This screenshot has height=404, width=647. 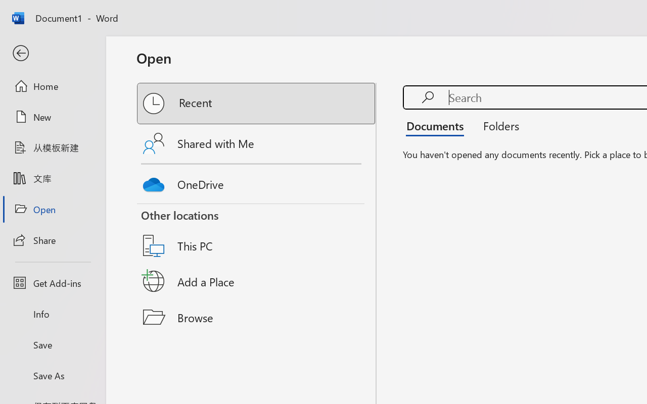 I want to click on 'Documents', so click(x=438, y=125).